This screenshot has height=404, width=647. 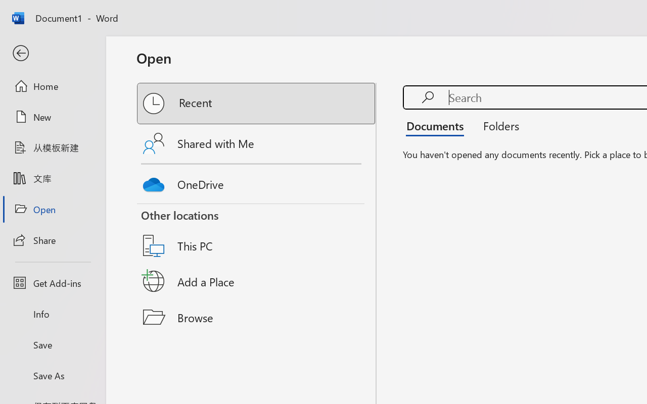 I want to click on 'Documents', so click(x=438, y=125).